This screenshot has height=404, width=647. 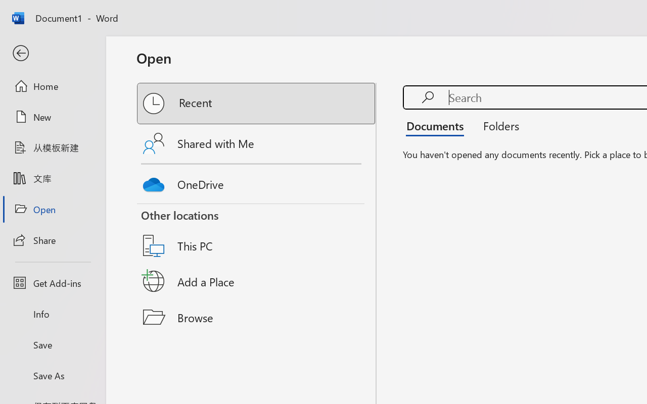 I want to click on 'Documents', so click(x=438, y=125).